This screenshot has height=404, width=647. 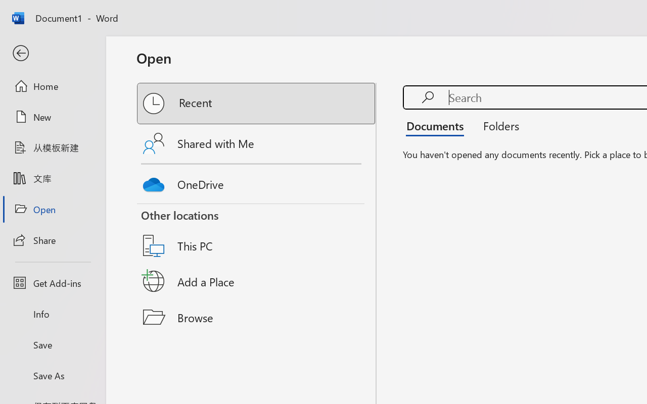 I want to click on 'Documents', so click(x=438, y=125).